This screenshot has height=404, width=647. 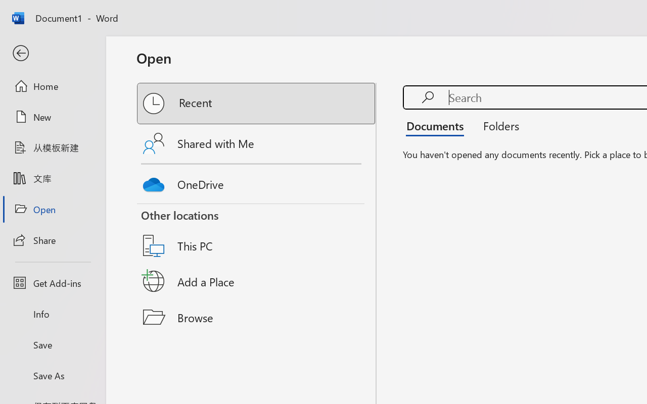 I want to click on 'Documents', so click(x=438, y=125).